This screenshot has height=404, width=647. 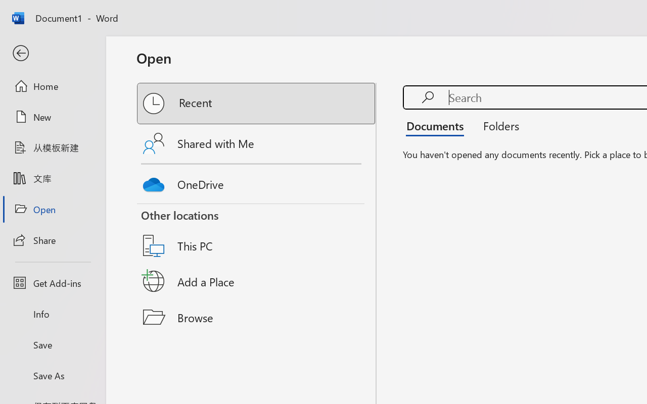 I want to click on 'Documents', so click(x=438, y=125).